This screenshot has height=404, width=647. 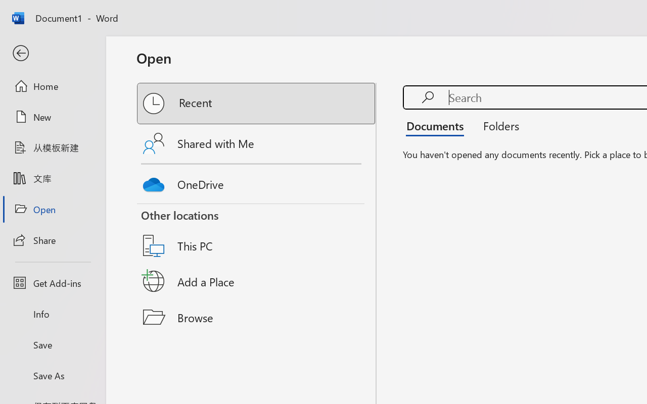 I want to click on 'Documents', so click(x=438, y=125).